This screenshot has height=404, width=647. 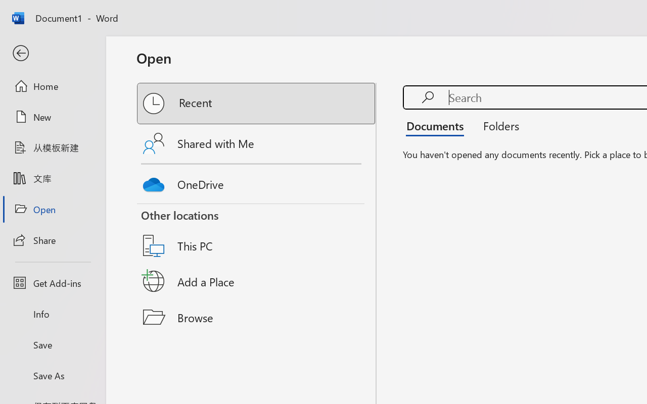 I want to click on 'Documents', so click(x=438, y=125).